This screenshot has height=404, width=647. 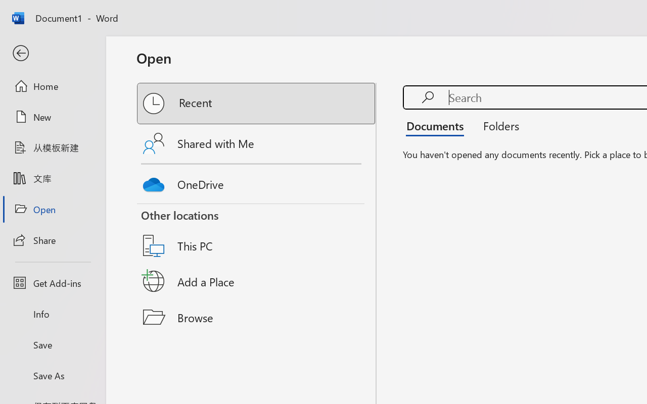 I want to click on 'Documents', so click(x=438, y=125).